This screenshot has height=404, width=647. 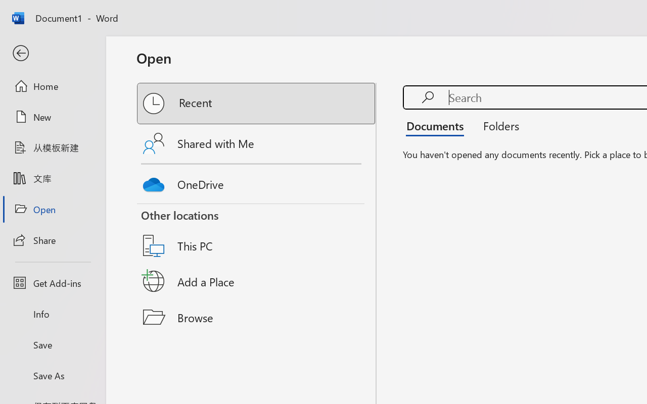 I want to click on 'Documents', so click(x=438, y=125).